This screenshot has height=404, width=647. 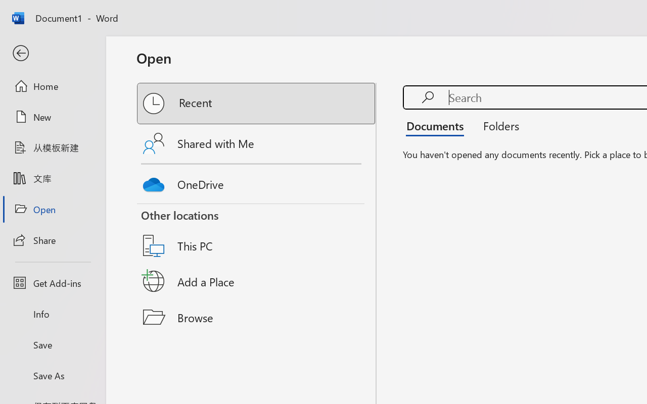 I want to click on 'Documents', so click(x=438, y=125).